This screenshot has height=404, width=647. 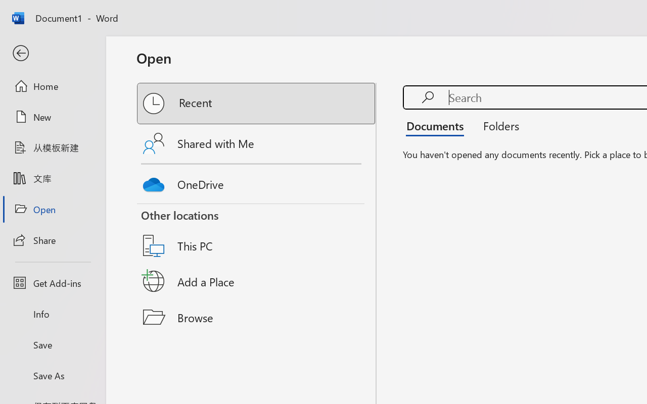 I want to click on 'Documents', so click(x=438, y=125).